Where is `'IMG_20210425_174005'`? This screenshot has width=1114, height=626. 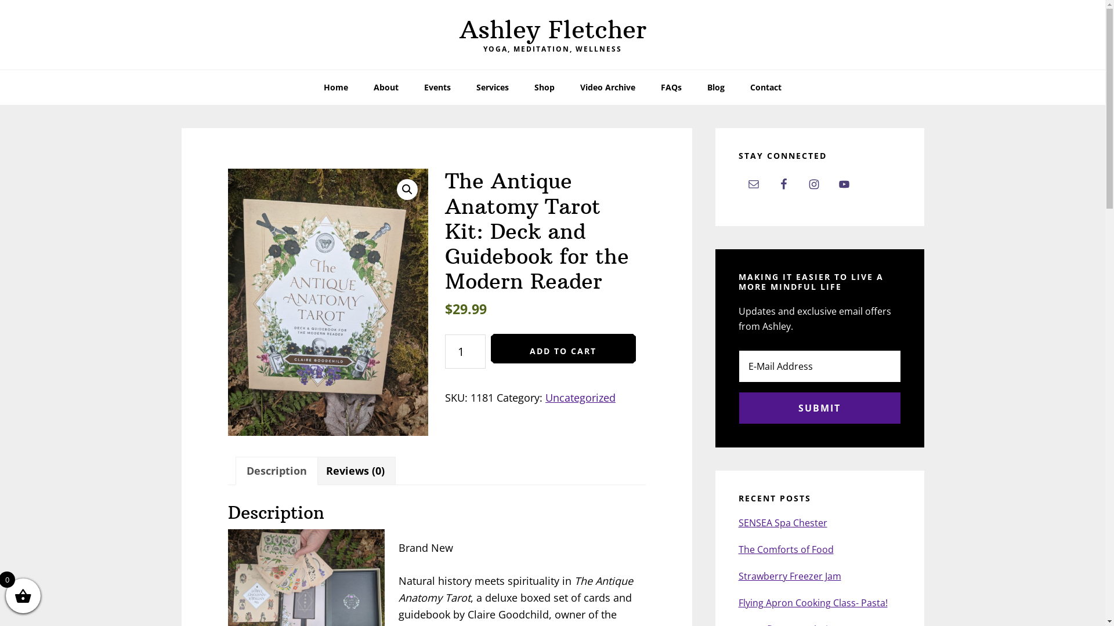
'IMG_20210425_174005' is located at coordinates (327, 301).